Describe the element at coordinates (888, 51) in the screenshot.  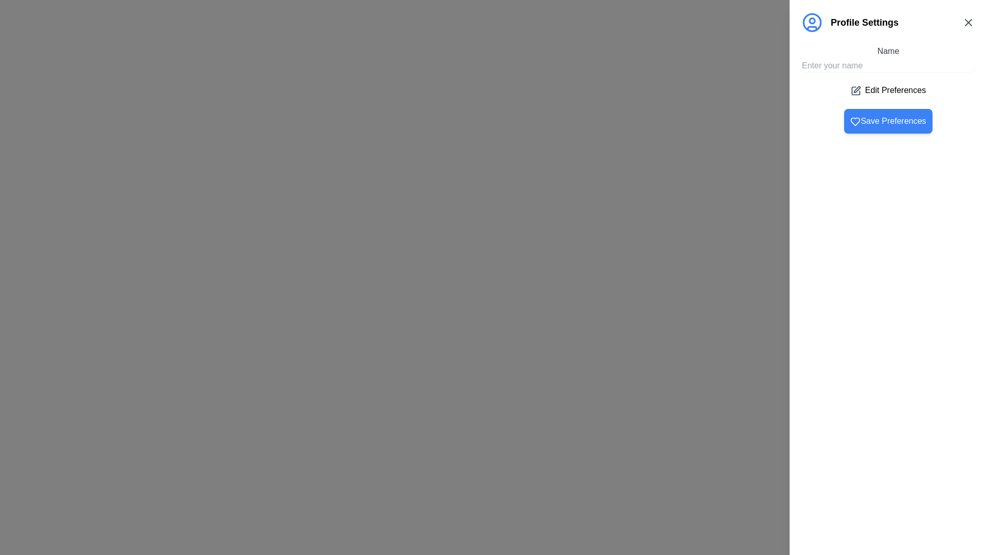
I see `the Text label located at the top-right section of the profile settings panel, which serves as a label for the name input field` at that location.